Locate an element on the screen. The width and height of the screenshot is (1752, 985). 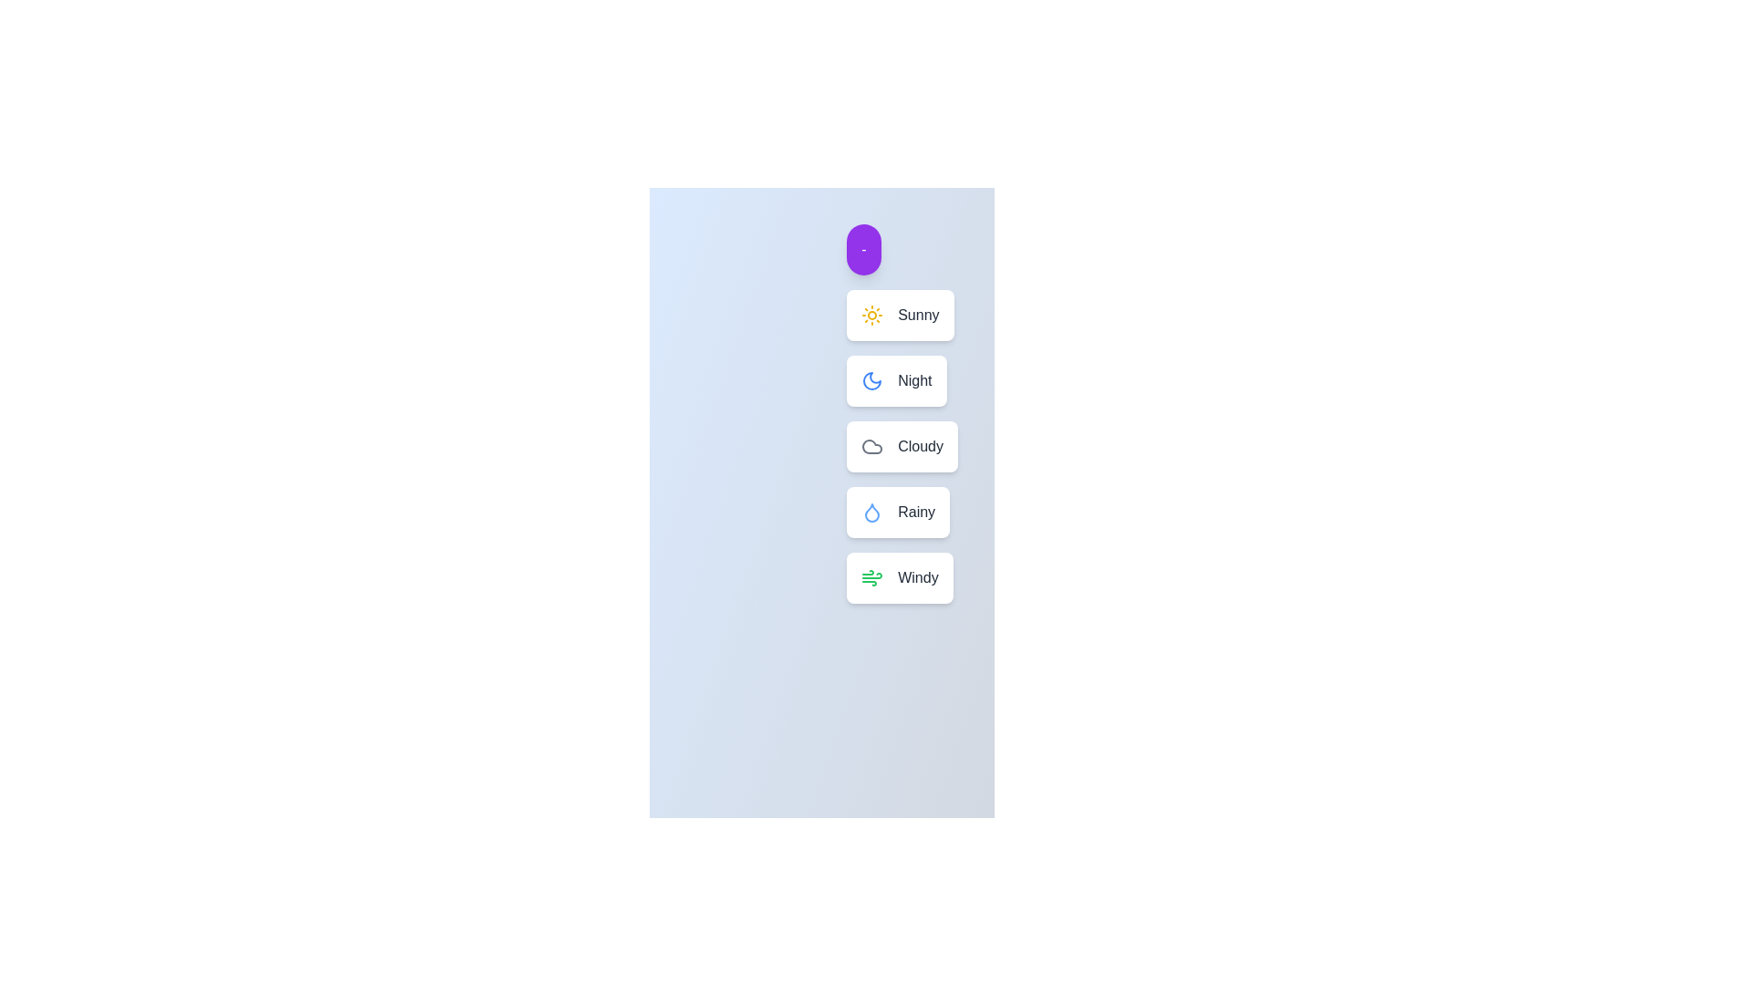
the purple button to toggle the menu is located at coordinates (861, 249).